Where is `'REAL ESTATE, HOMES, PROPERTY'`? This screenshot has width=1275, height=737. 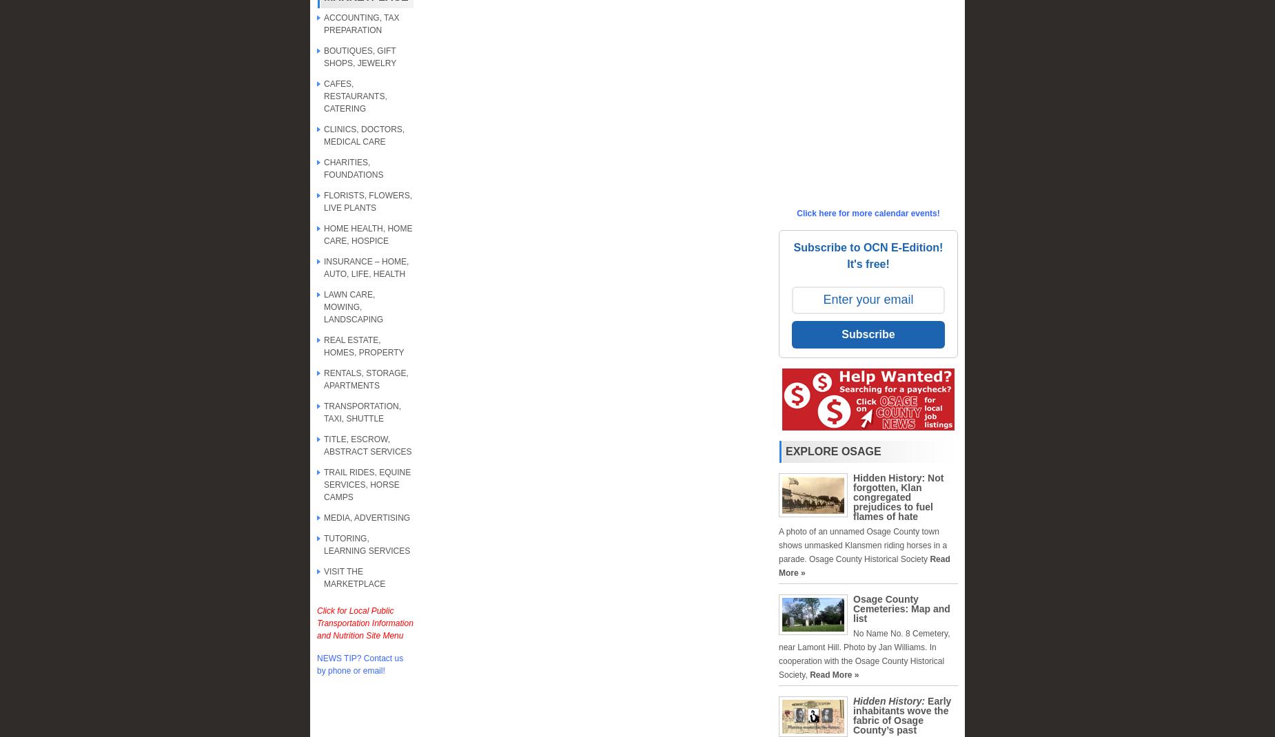
'REAL ESTATE, HOMES, PROPERTY' is located at coordinates (324, 346).